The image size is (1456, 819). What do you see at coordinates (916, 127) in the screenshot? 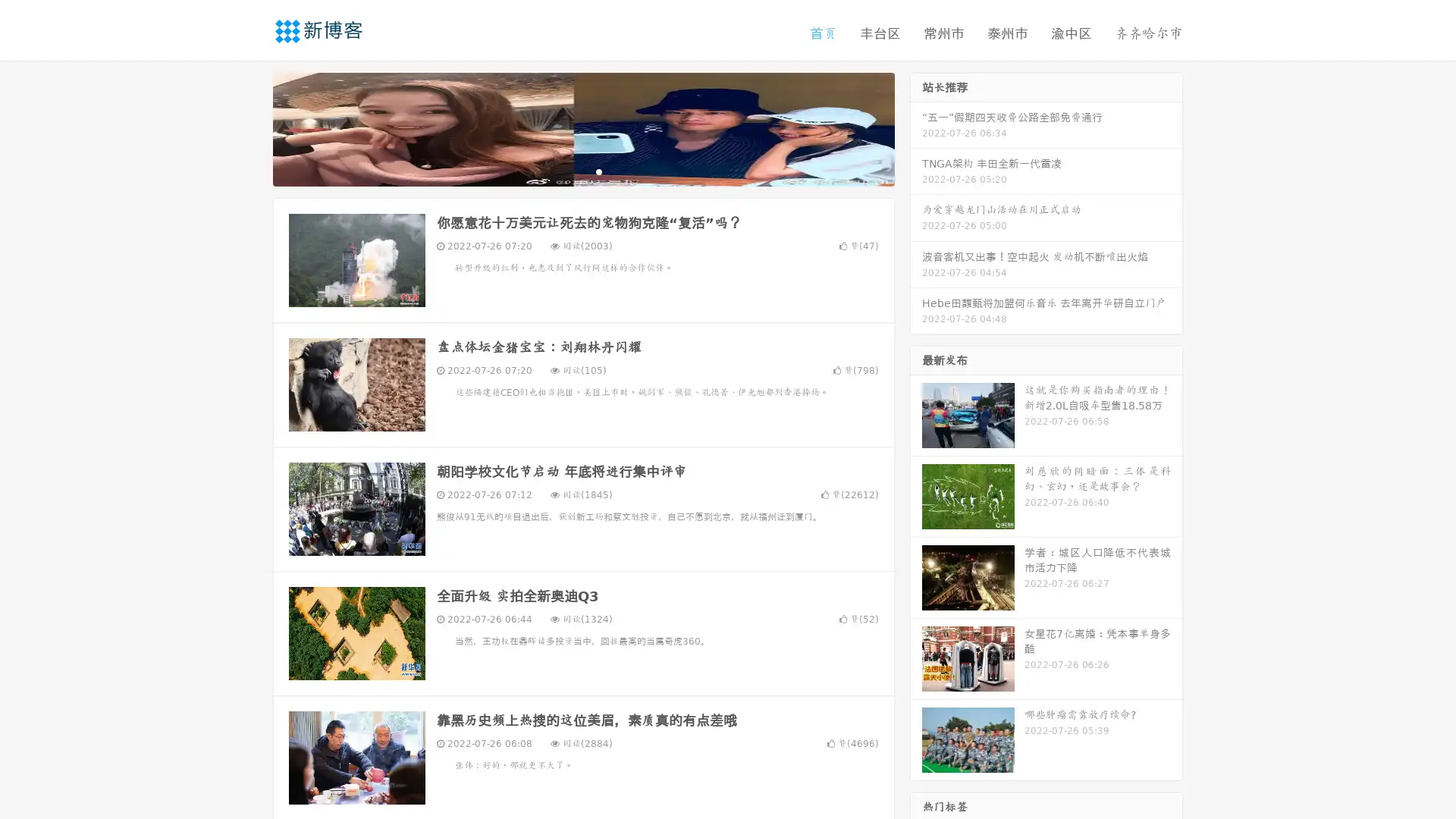
I see `Next slide` at bounding box center [916, 127].